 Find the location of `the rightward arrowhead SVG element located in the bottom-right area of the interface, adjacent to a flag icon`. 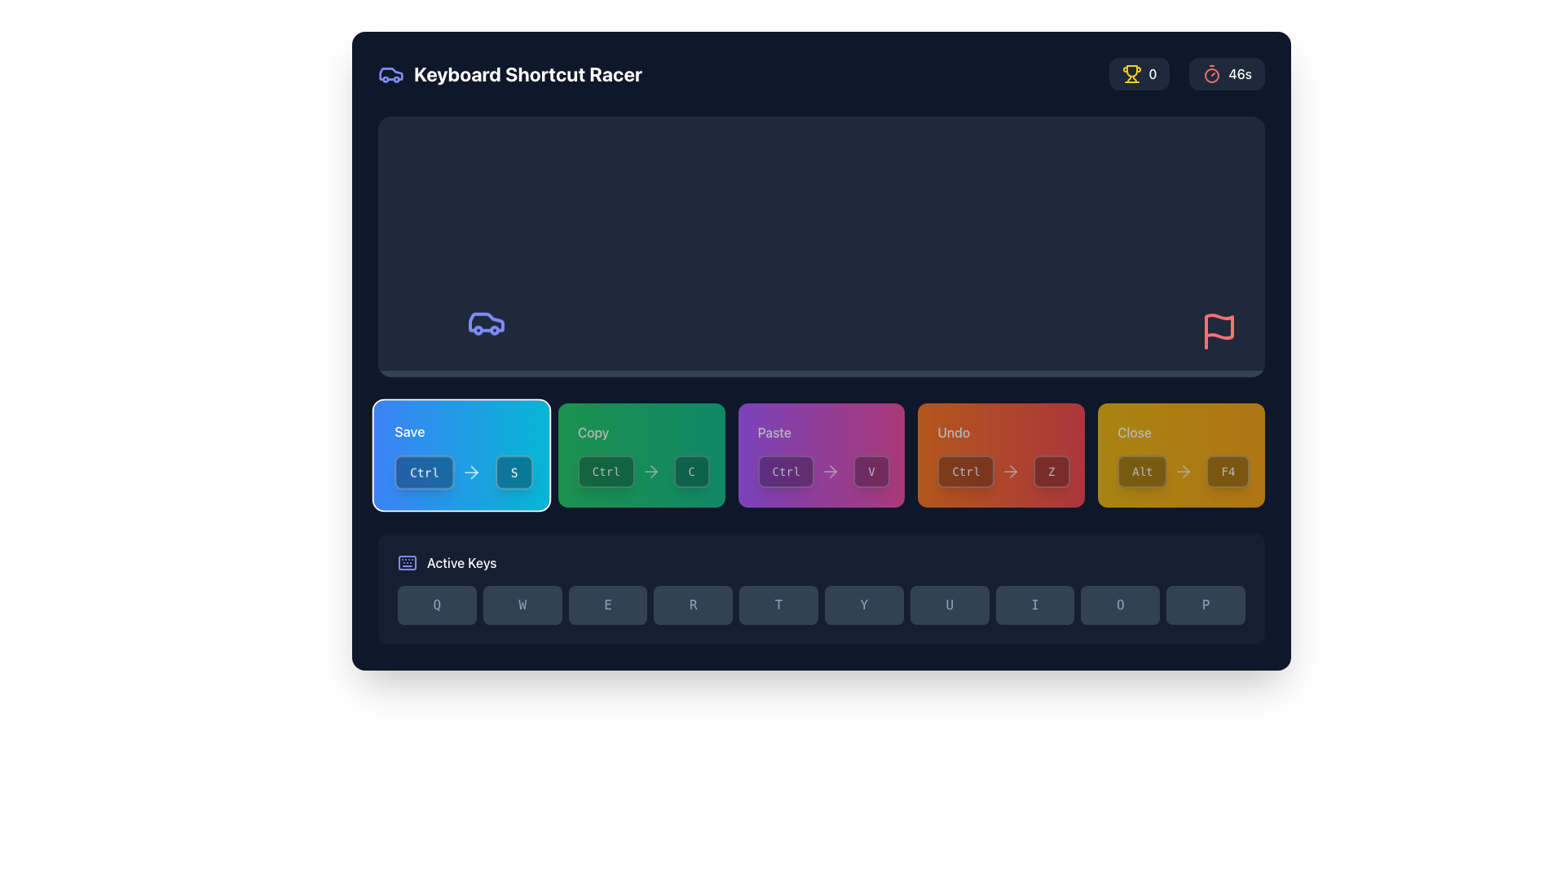

the rightward arrowhead SVG element located in the bottom-right area of the interface, adjacent to a flag icon is located at coordinates (1012, 471).